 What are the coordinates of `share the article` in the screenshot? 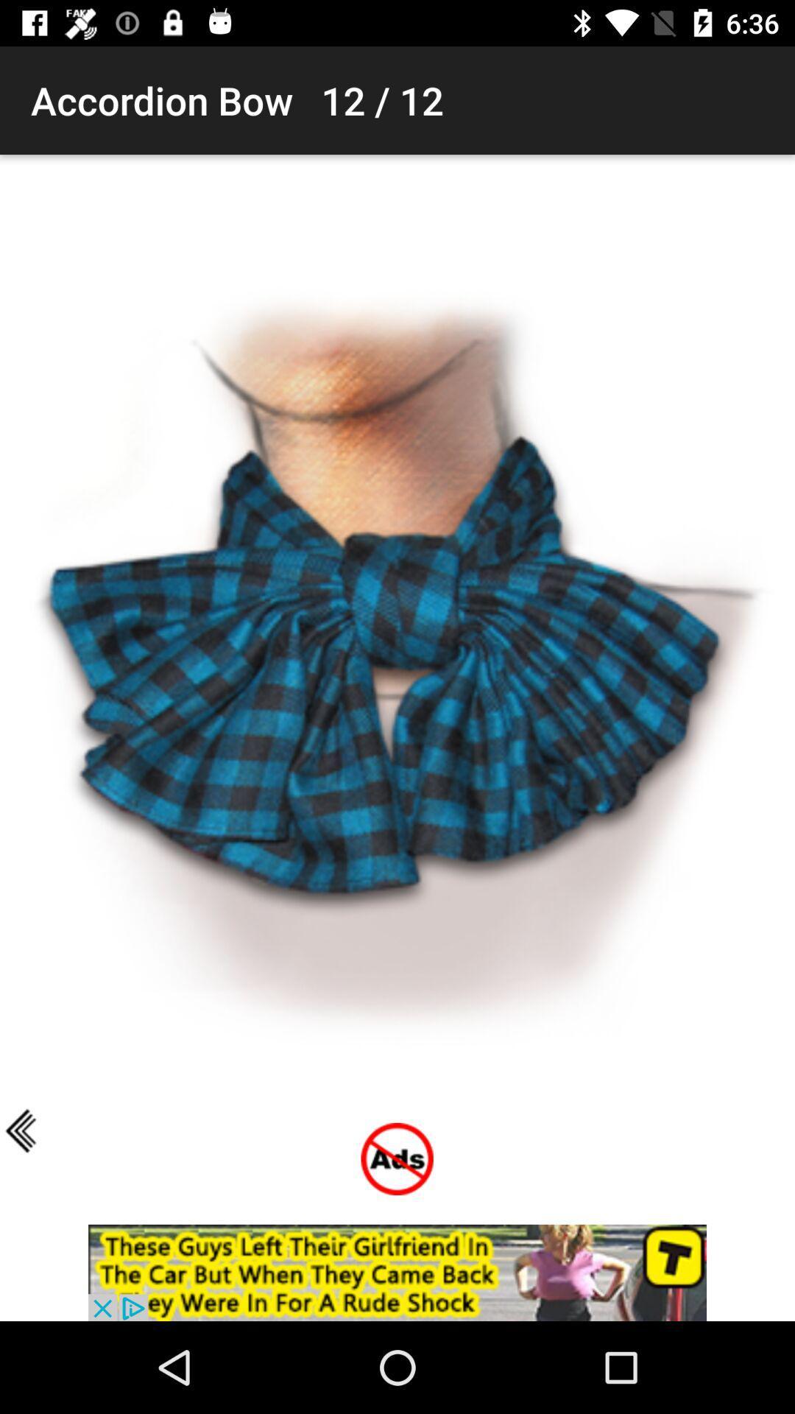 It's located at (397, 1272).